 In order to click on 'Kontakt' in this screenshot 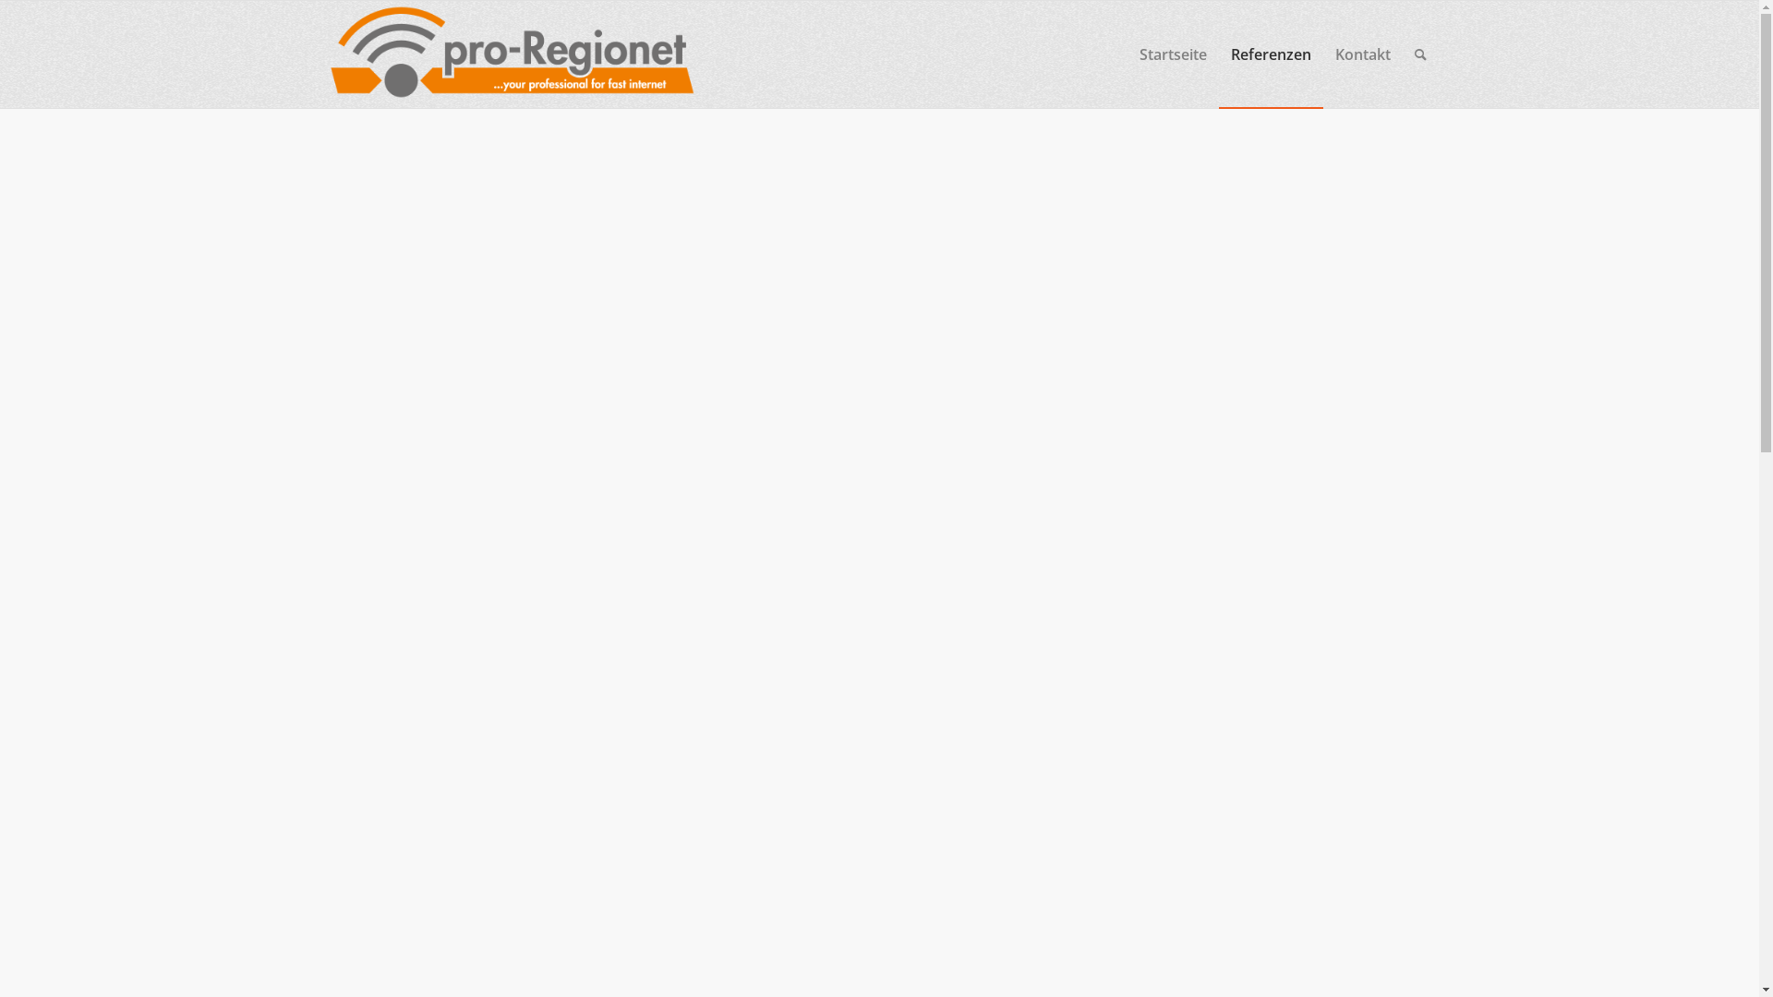, I will do `click(1321, 53)`.